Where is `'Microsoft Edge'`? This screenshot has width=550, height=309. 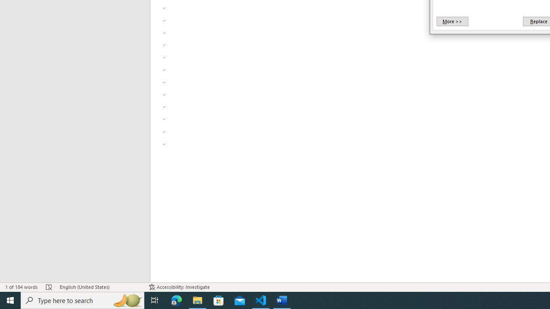
'Microsoft Edge' is located at coordinates (176, 300).